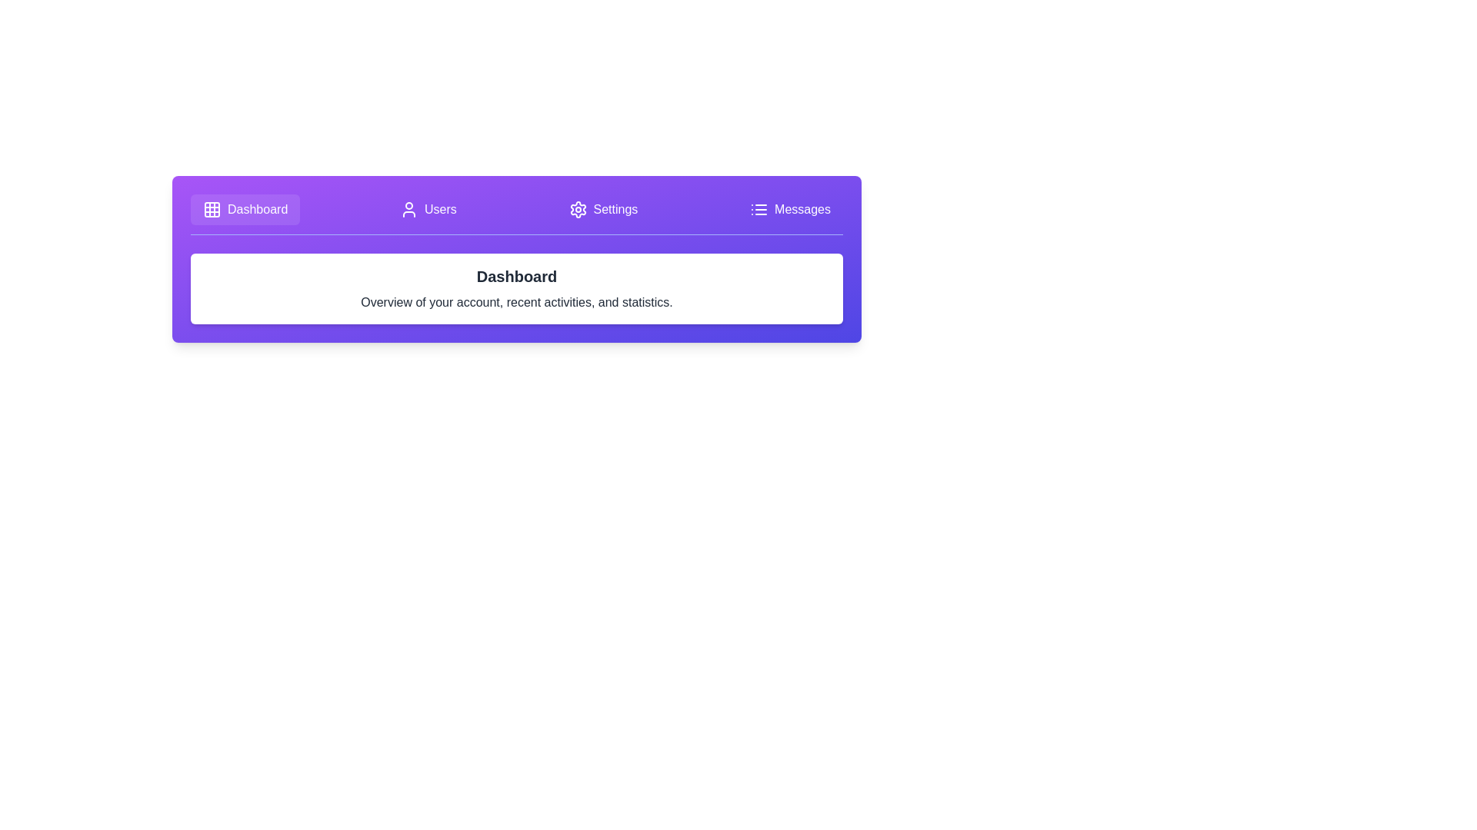 This screenshot has height=830, width=1477. What do you see at coordinates (409, 210) in the screenshot?
I see `the user icon, which is a minimalist white outlined circle representing a head, located at the left edge of the 'Users' button in the top navigation bar` at bounding box center [409, 210].